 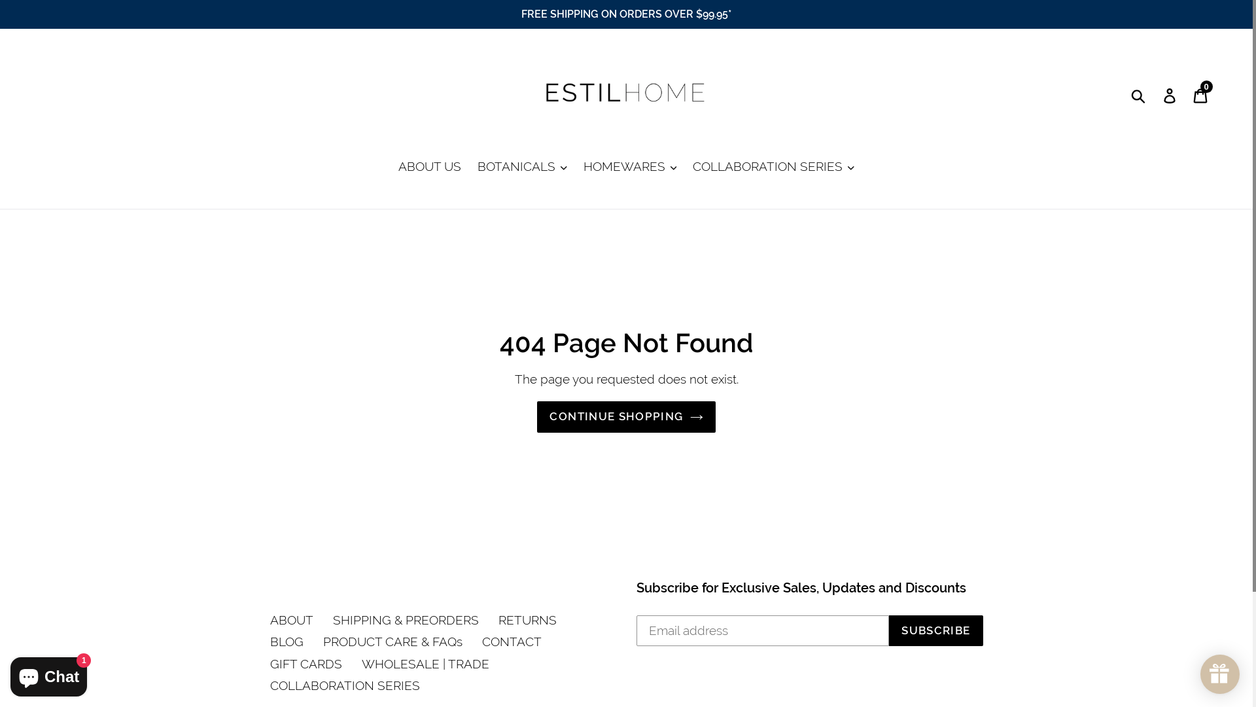 I want to click on 'COLLABORATION SERIES', so click(x=269, y=684).